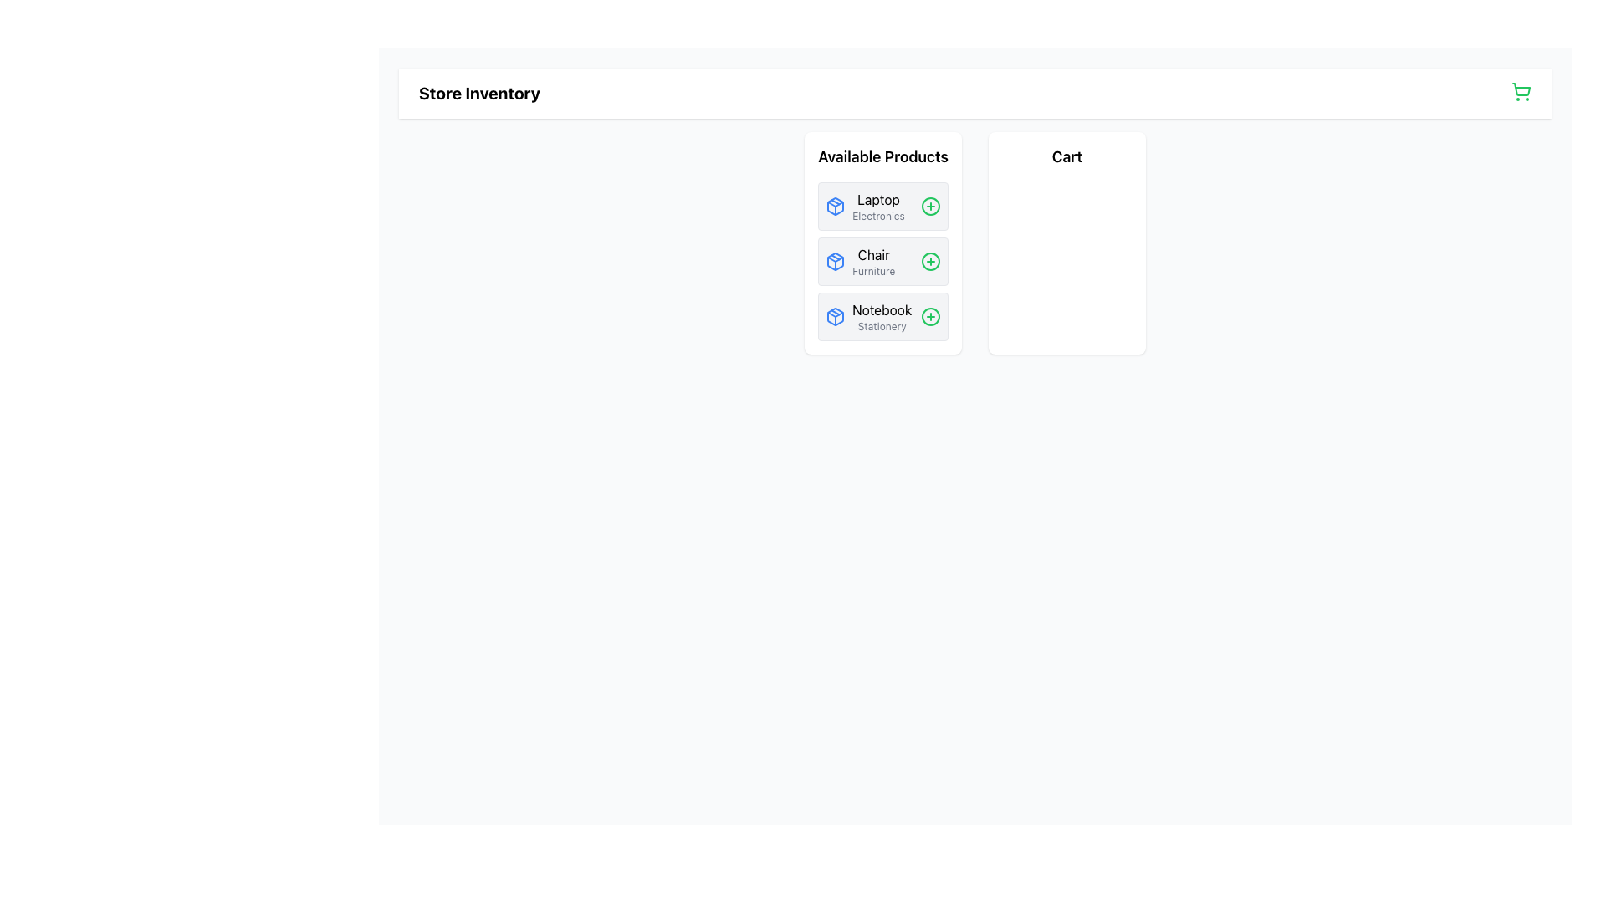 This screenshot has height=903, width=1606. Describe the element at coordinates (872, 270) in the screenshot. I see `the text label displaying 'Furniture' which is located below the product title 'Chair' in the 'Available Products' section` at that location.